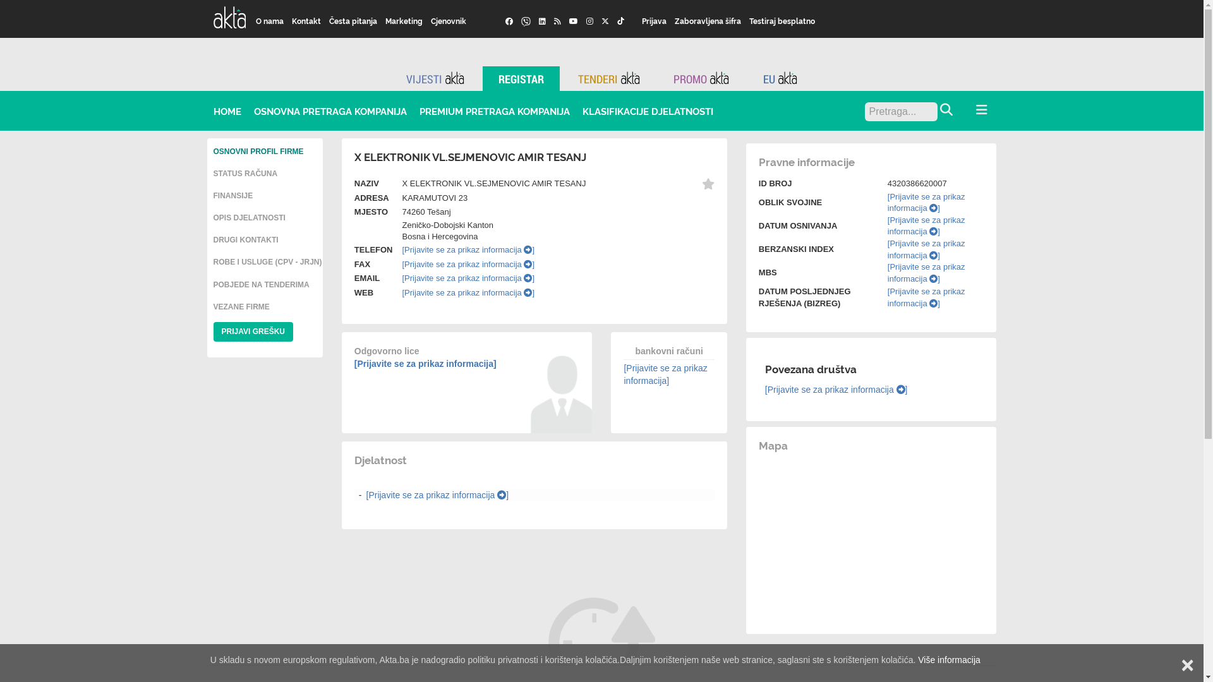 Image resolution: width=1213 pixels, height=682 pixels. I want to click on 'Marketing', so click(403, 21).